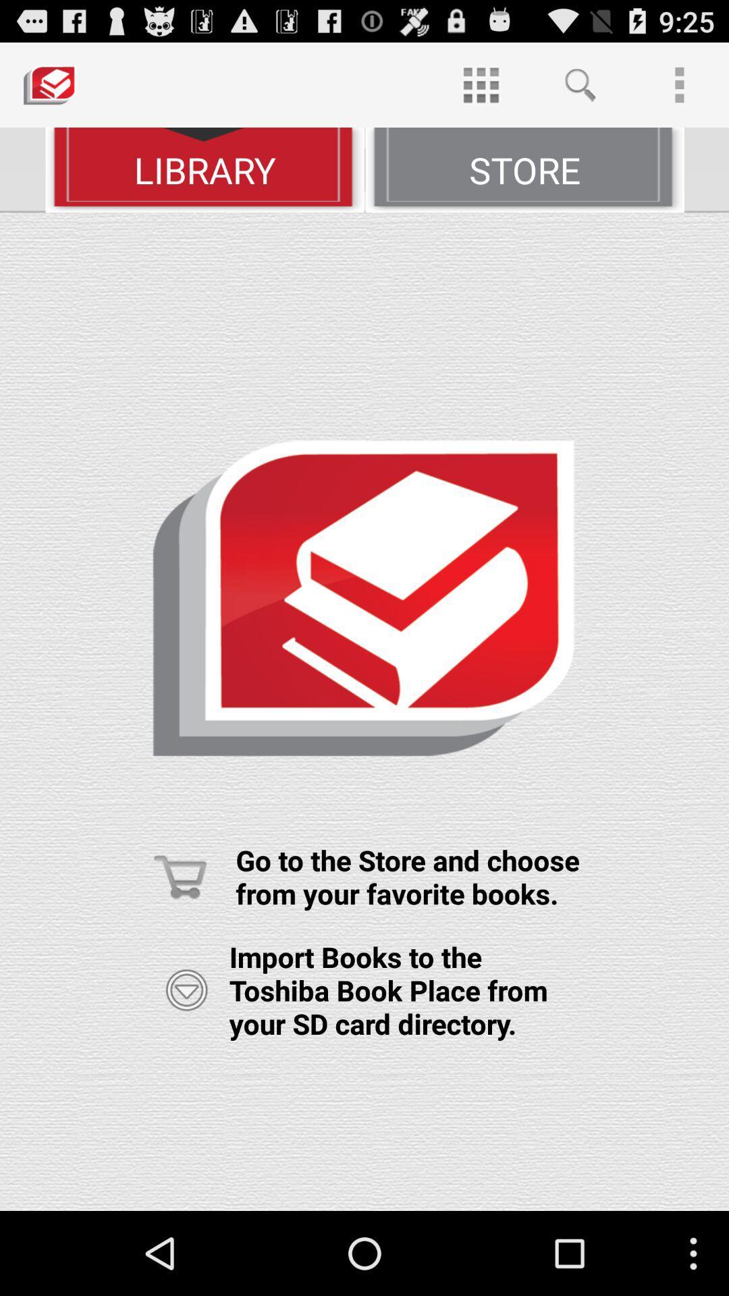  What do you see at coordinates (186, 990) in the screenshot?
I see `import your books from sd card` at bounding box center [186, 990].